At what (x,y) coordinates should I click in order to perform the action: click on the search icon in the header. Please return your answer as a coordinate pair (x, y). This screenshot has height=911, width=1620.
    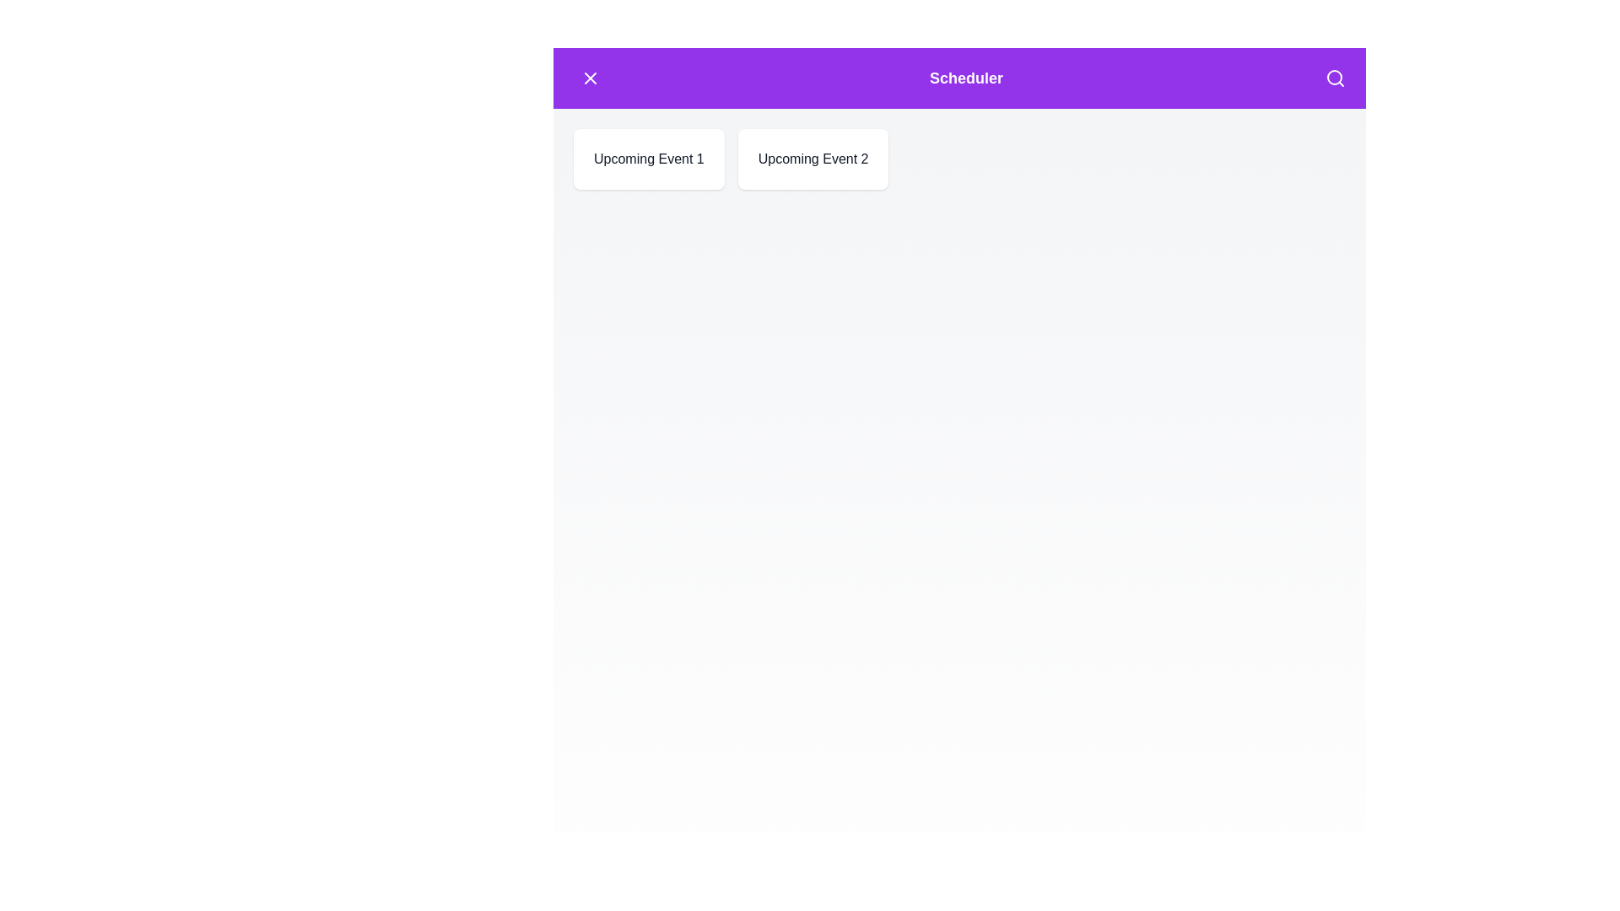
    Looking at the image, I should click on (1335, 78).